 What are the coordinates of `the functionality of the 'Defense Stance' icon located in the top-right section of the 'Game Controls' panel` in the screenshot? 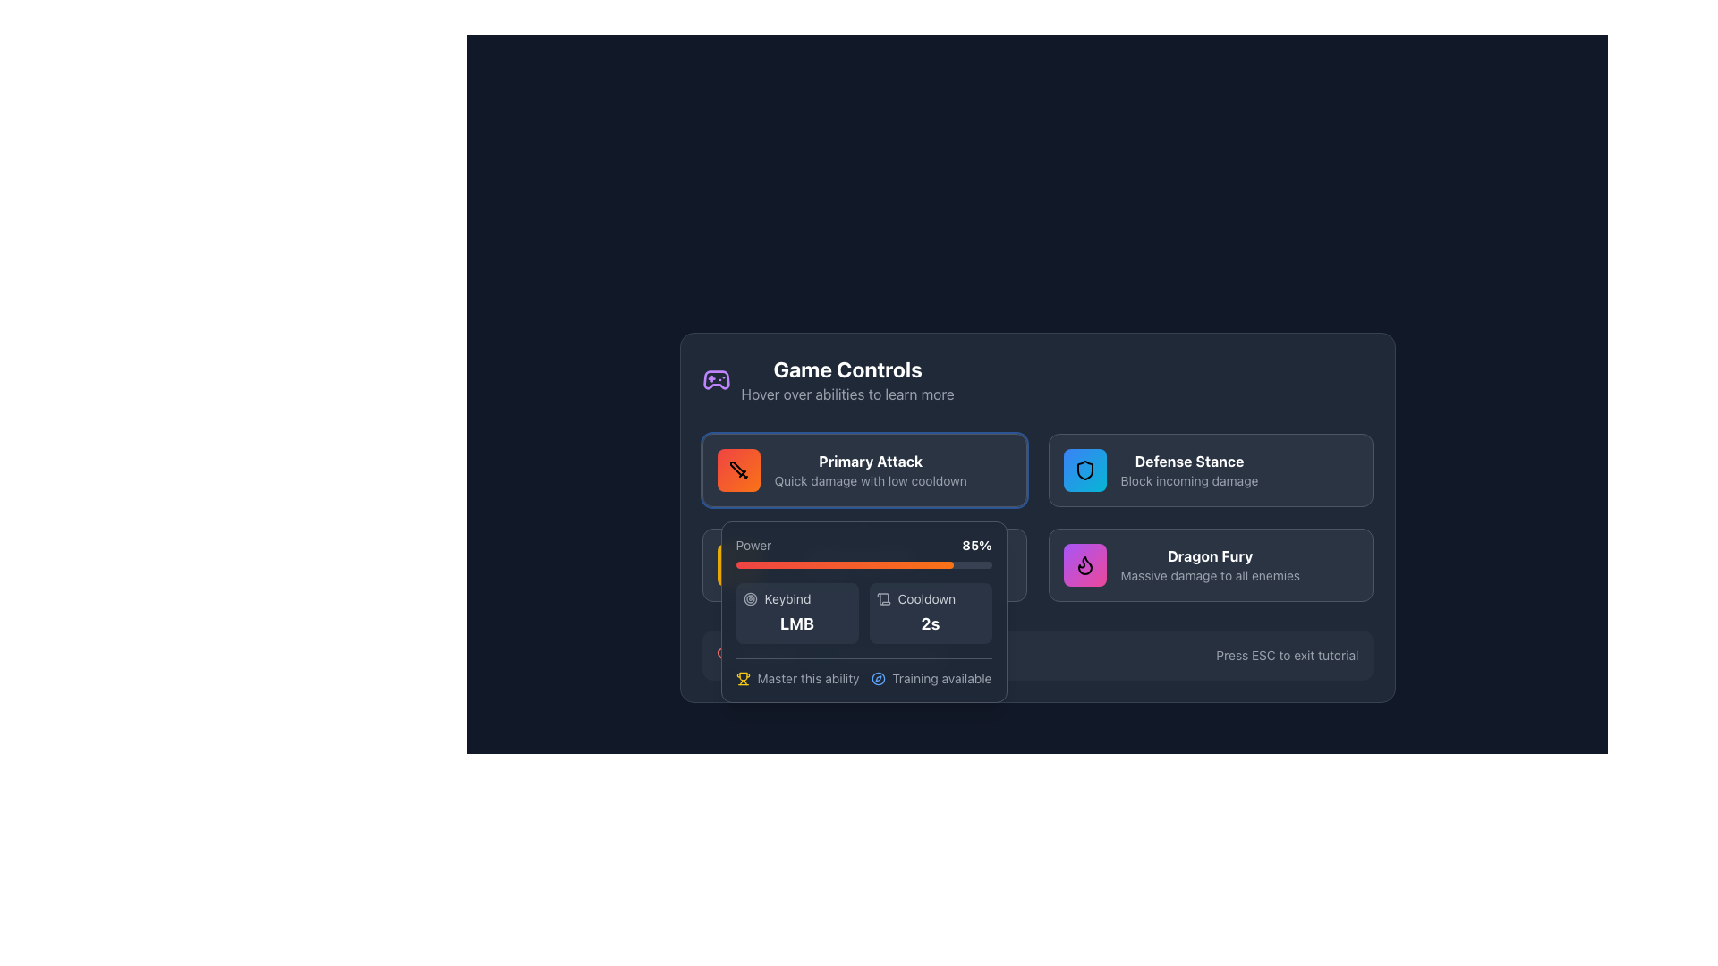 It's located at (1084, 469).